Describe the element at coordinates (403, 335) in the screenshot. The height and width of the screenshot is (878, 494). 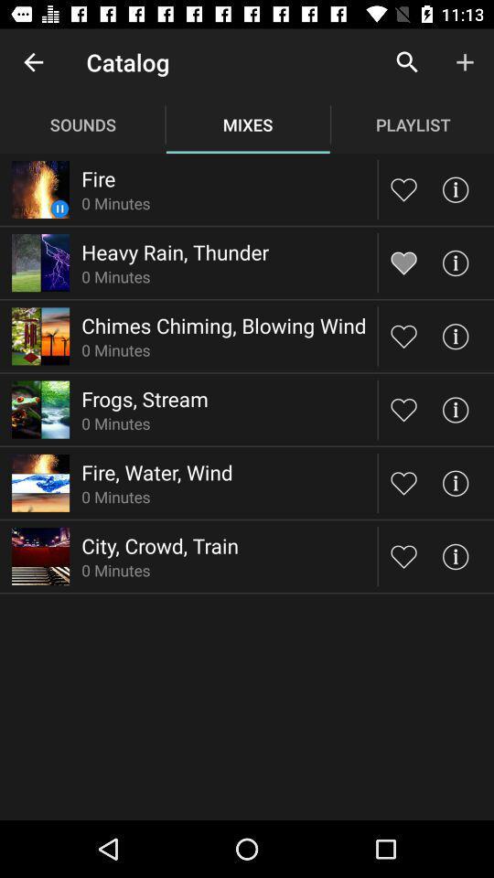
I see `like button to choose` at that location.